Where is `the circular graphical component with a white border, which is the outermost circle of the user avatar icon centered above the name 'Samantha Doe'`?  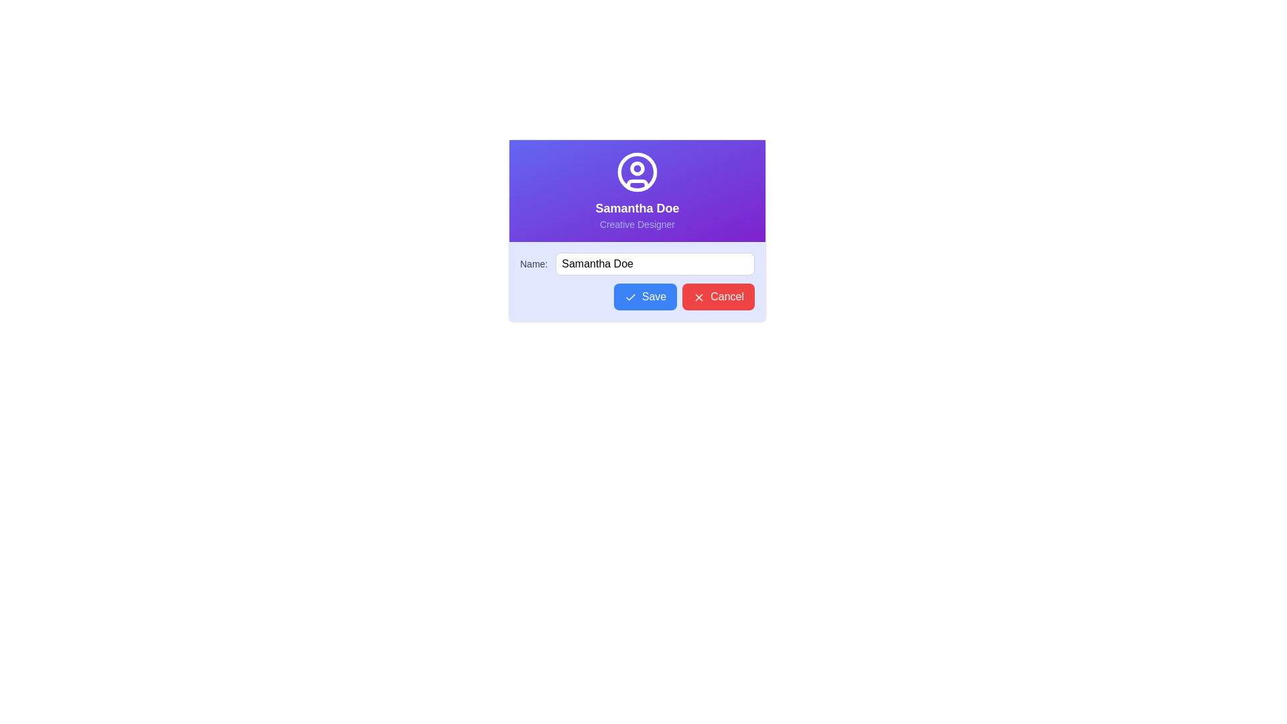 the circular graphical component with a white border, which is the outermost circle of the user avatar icon centered above the name 'Samantha Doe' is located at coordinates (636, 170).